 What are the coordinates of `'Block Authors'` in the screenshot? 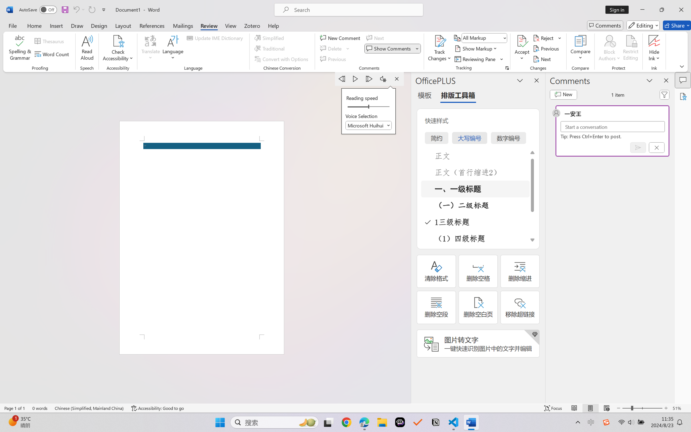 It's located at (609, 41).